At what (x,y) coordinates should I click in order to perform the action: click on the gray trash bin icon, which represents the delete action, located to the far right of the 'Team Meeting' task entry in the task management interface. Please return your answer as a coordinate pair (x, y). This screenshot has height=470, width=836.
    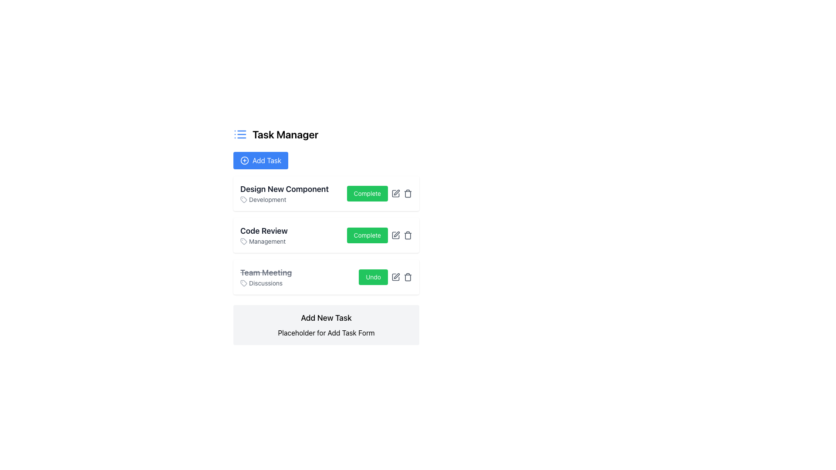
    Looking at the image, I should click on (407, 277).